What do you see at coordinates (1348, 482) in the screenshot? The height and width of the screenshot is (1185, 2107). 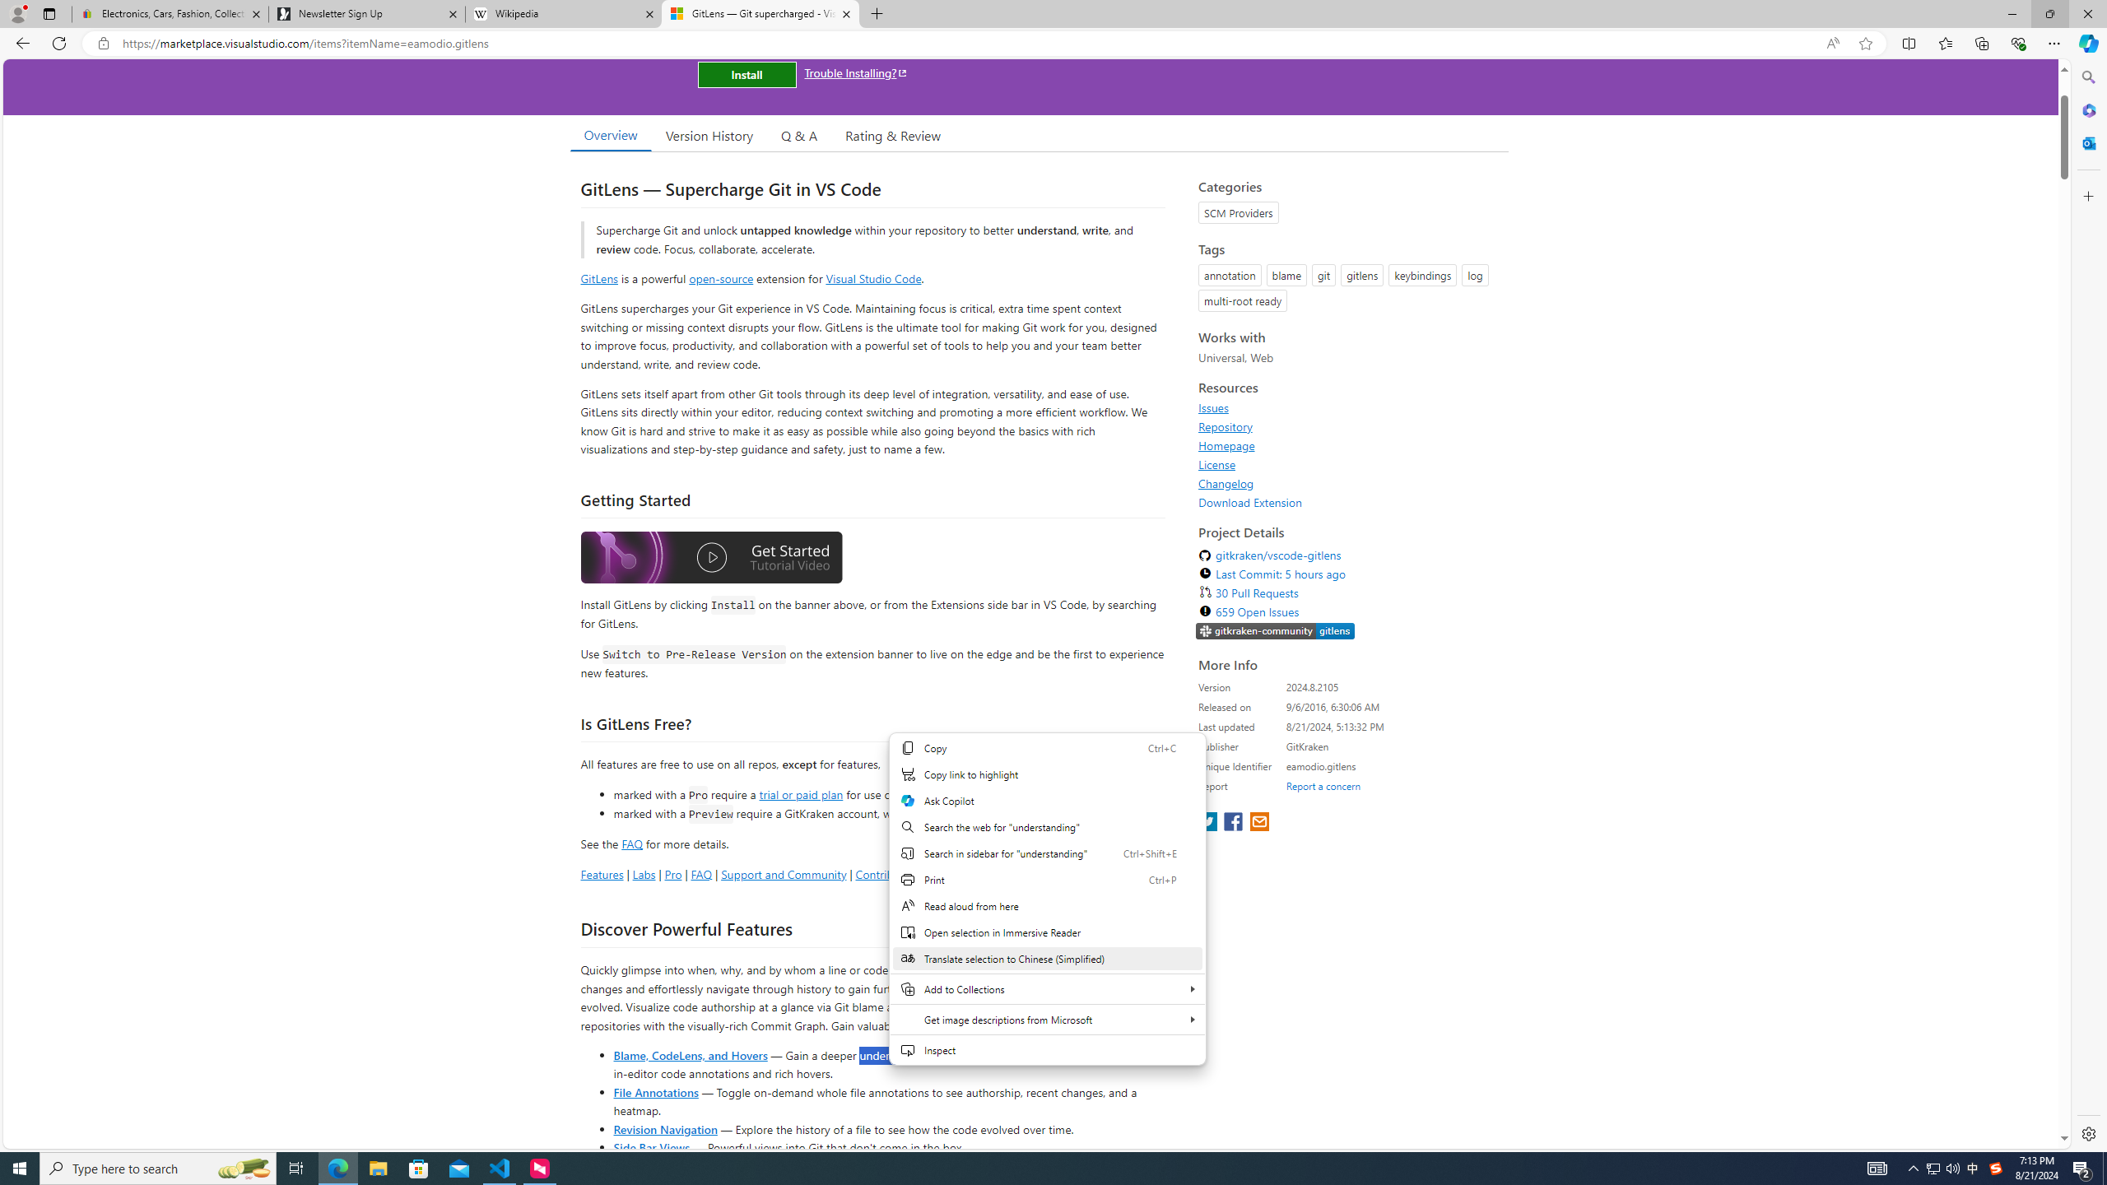 I see `'Changelog'` at bounding box center [1348, 482].